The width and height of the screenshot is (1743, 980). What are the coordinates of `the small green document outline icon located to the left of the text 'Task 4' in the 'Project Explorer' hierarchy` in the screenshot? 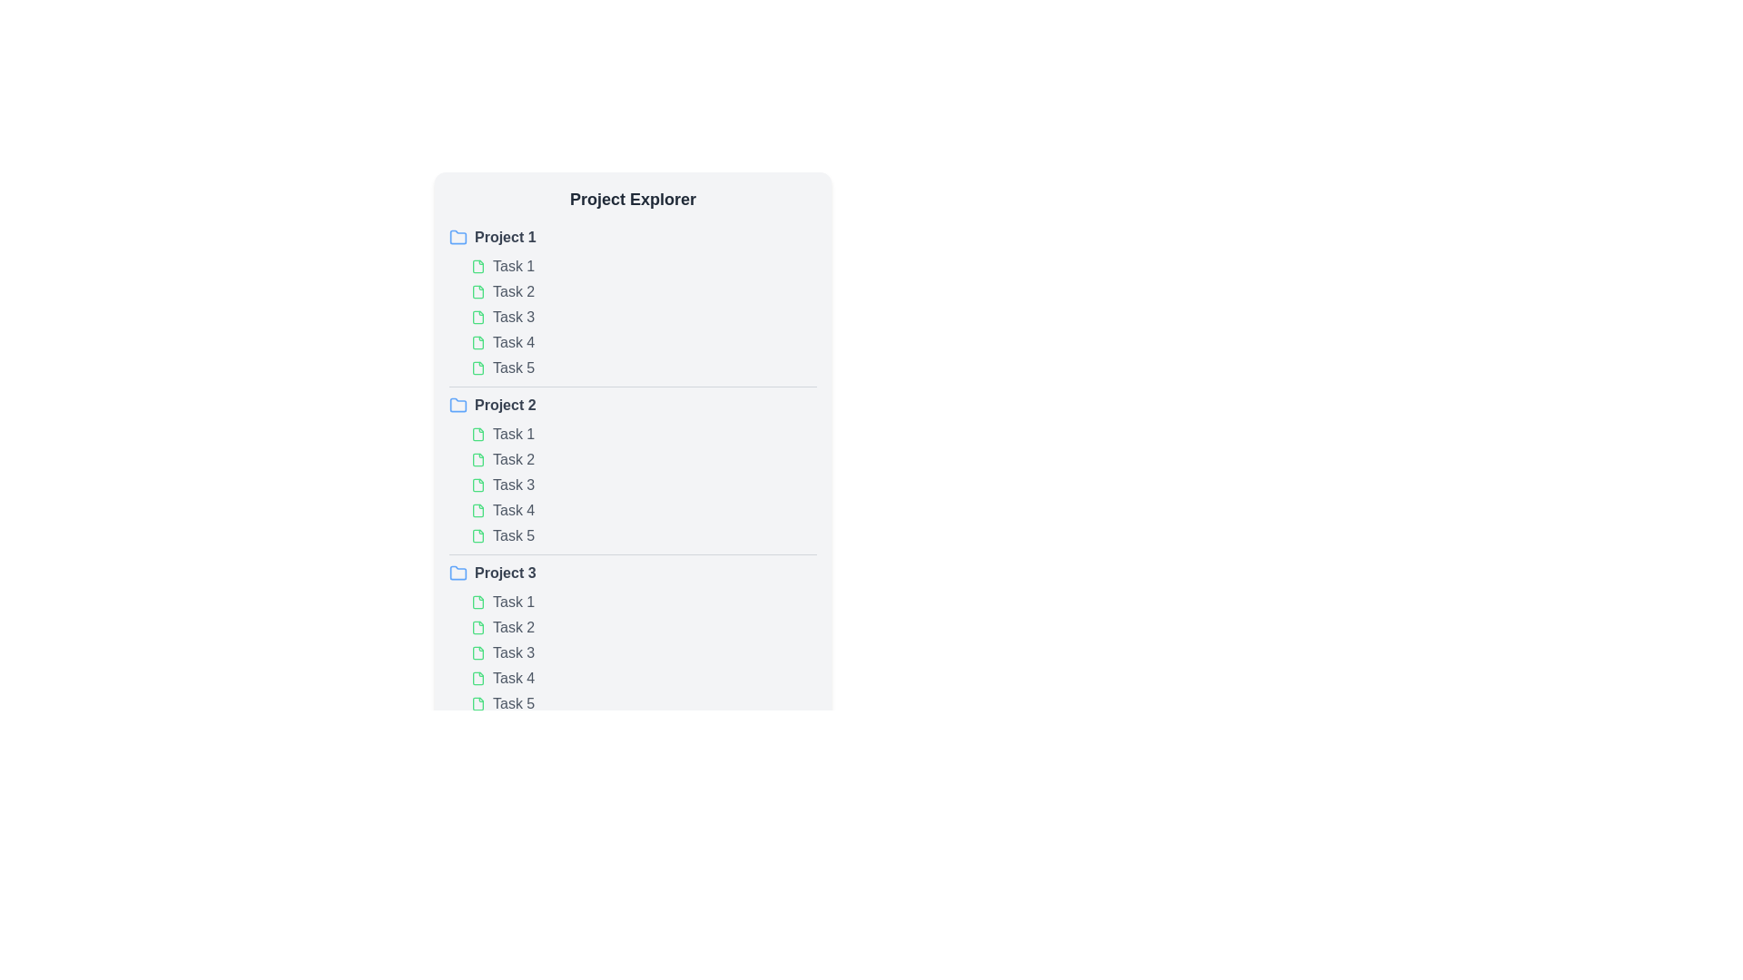 It's located at (478, 679).